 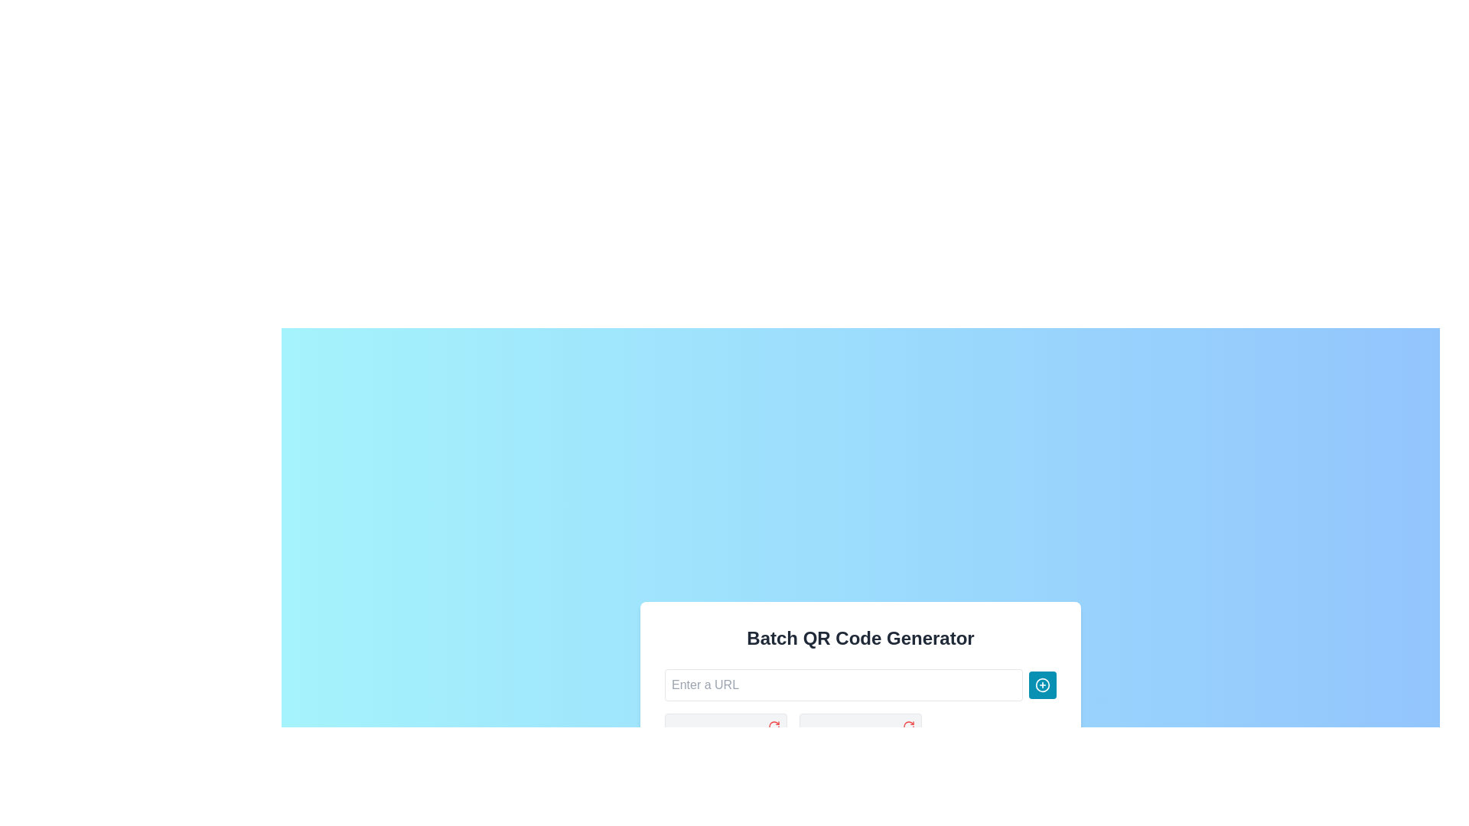 What do you see at coordinates (742, 740) in the screenshot?
I see `the second rectangular block in the upper row of the QR code grid within the Batch QR Code Generator interface` at bounding box center [742, 740].